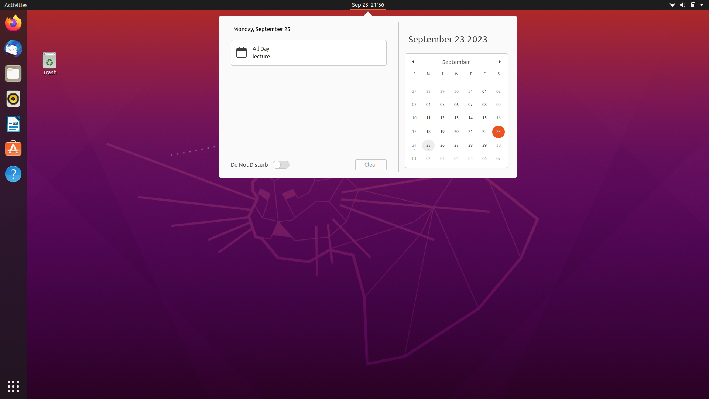  Describe the element at coordinates (500, 61) in the screenshot. I see `Display events scheduled for the following month` at that location.